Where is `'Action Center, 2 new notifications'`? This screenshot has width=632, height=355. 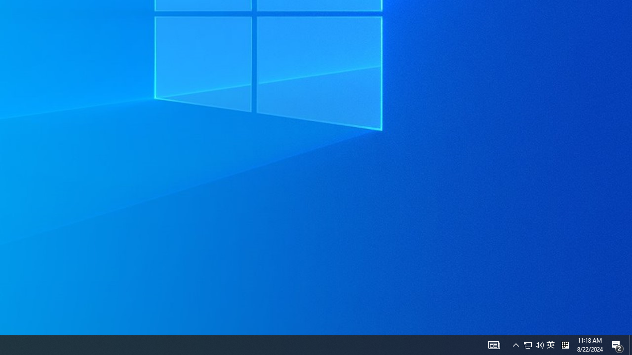
'Action Center, 2 new notifications' is located at coordinates (617, 344).